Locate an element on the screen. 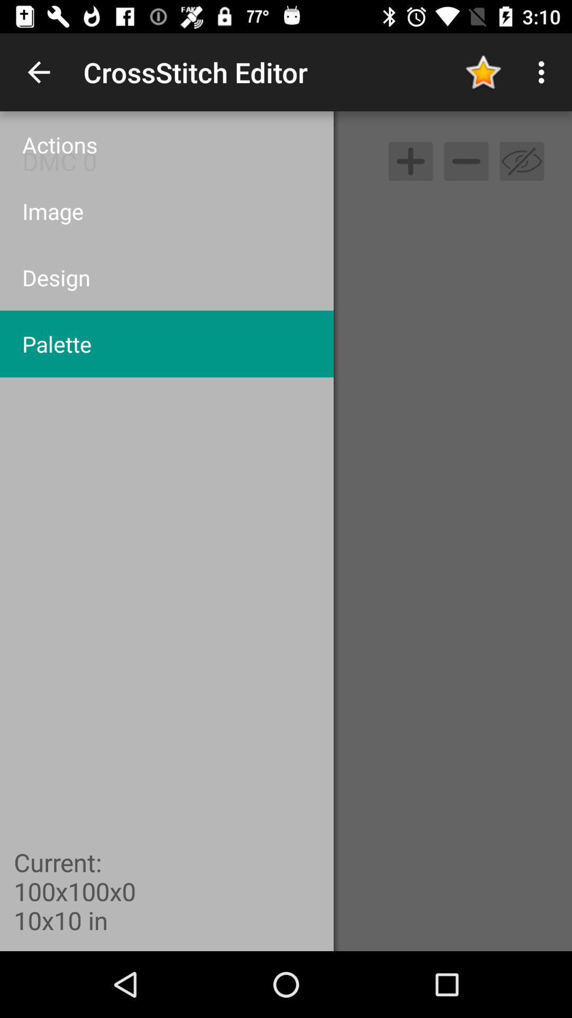  the add icon is located at coordinates (410, 161).